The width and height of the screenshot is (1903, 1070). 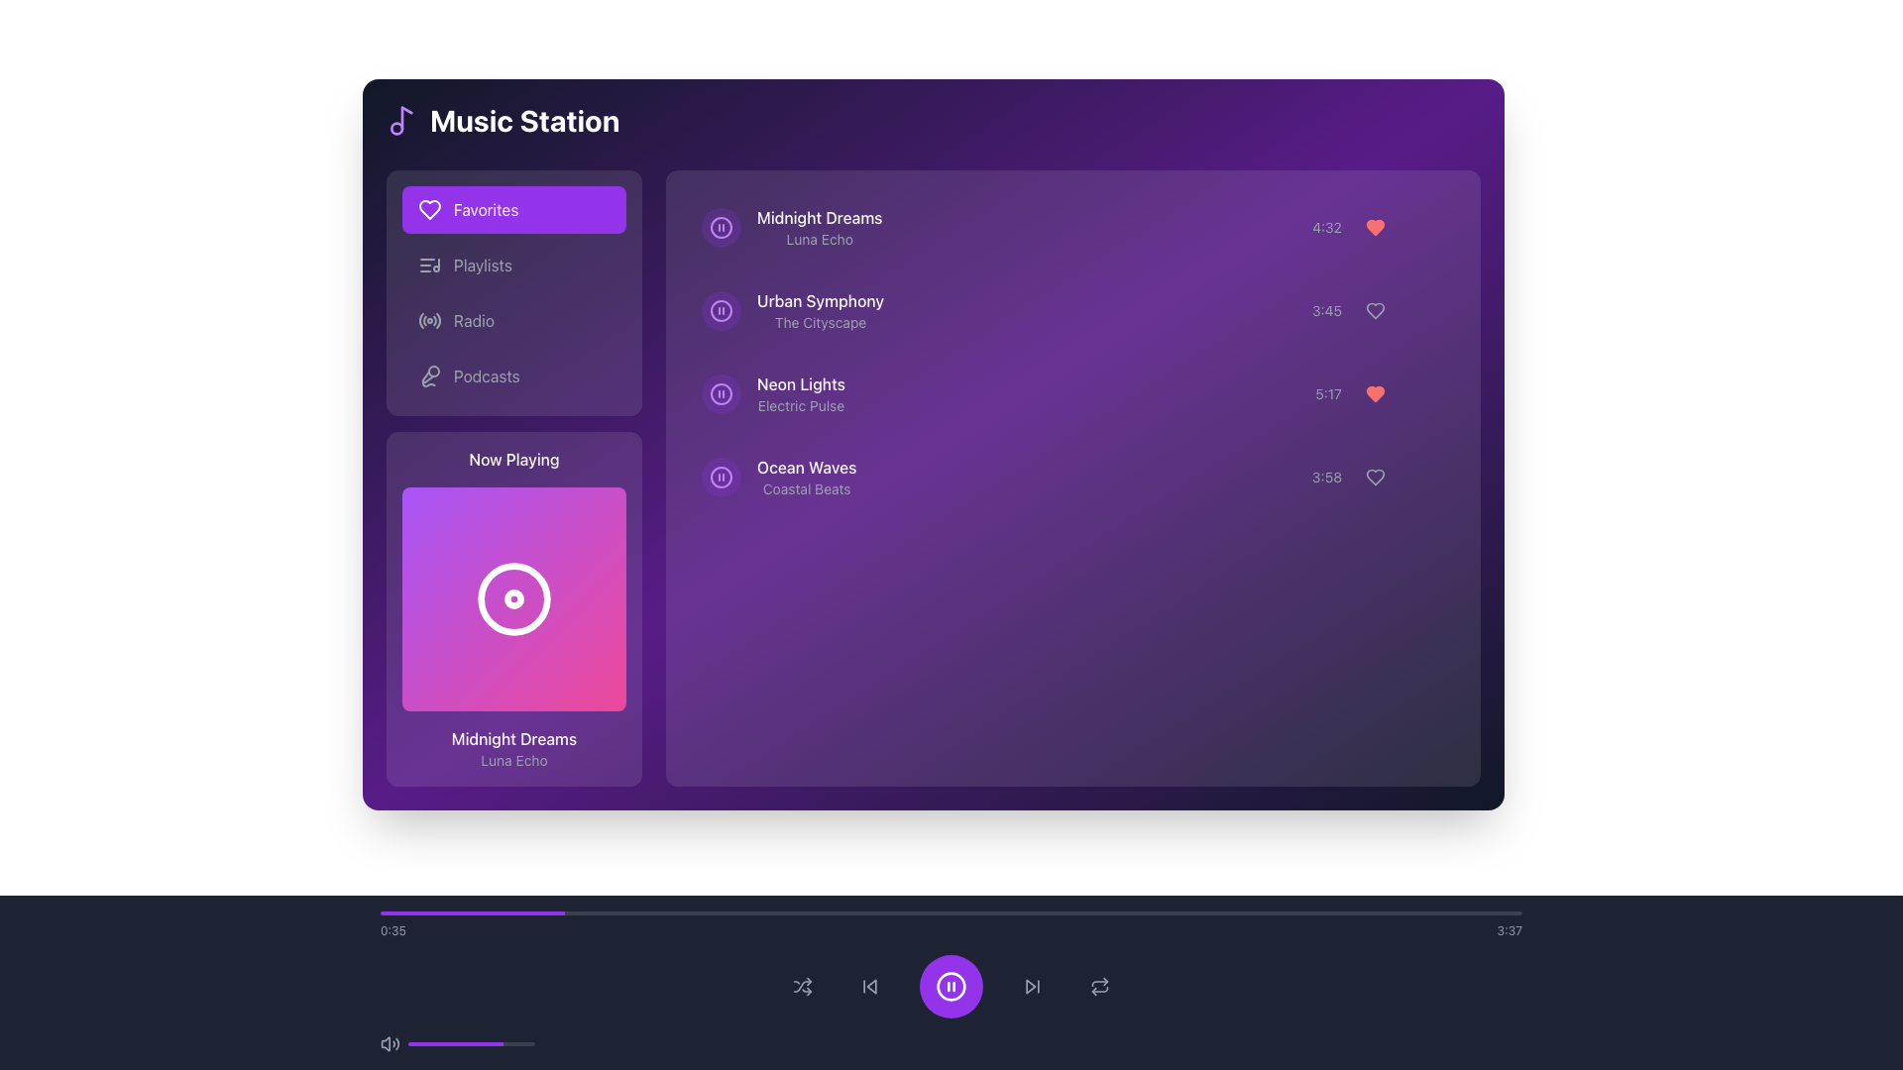 I want to click on the fourth heart-shaped icon located to the right of the 'Ocean Waves' text and its track duration '3:58' to favorite or unfavorite the song, so click(x=1374, y=478).